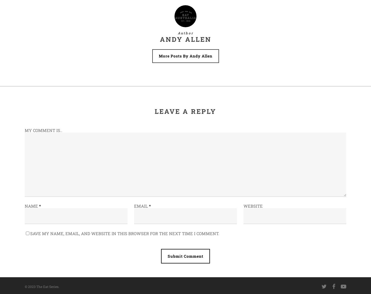 This screenshot has height=294, width=371. I want to click on 'Save my name, email, and website in this browser for the next time I comment.', so click(124, 233).